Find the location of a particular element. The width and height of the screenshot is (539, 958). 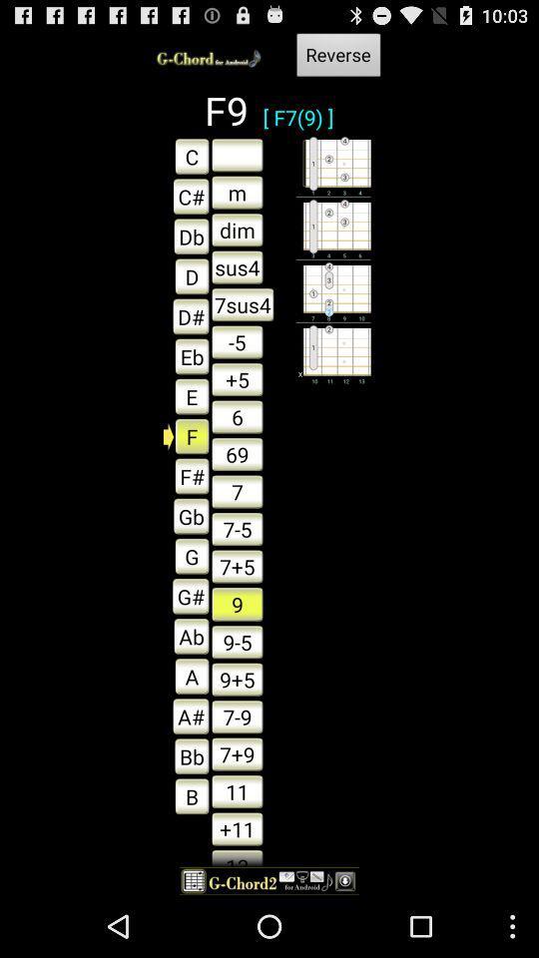

the e icon is located at coordinates (187, 395).